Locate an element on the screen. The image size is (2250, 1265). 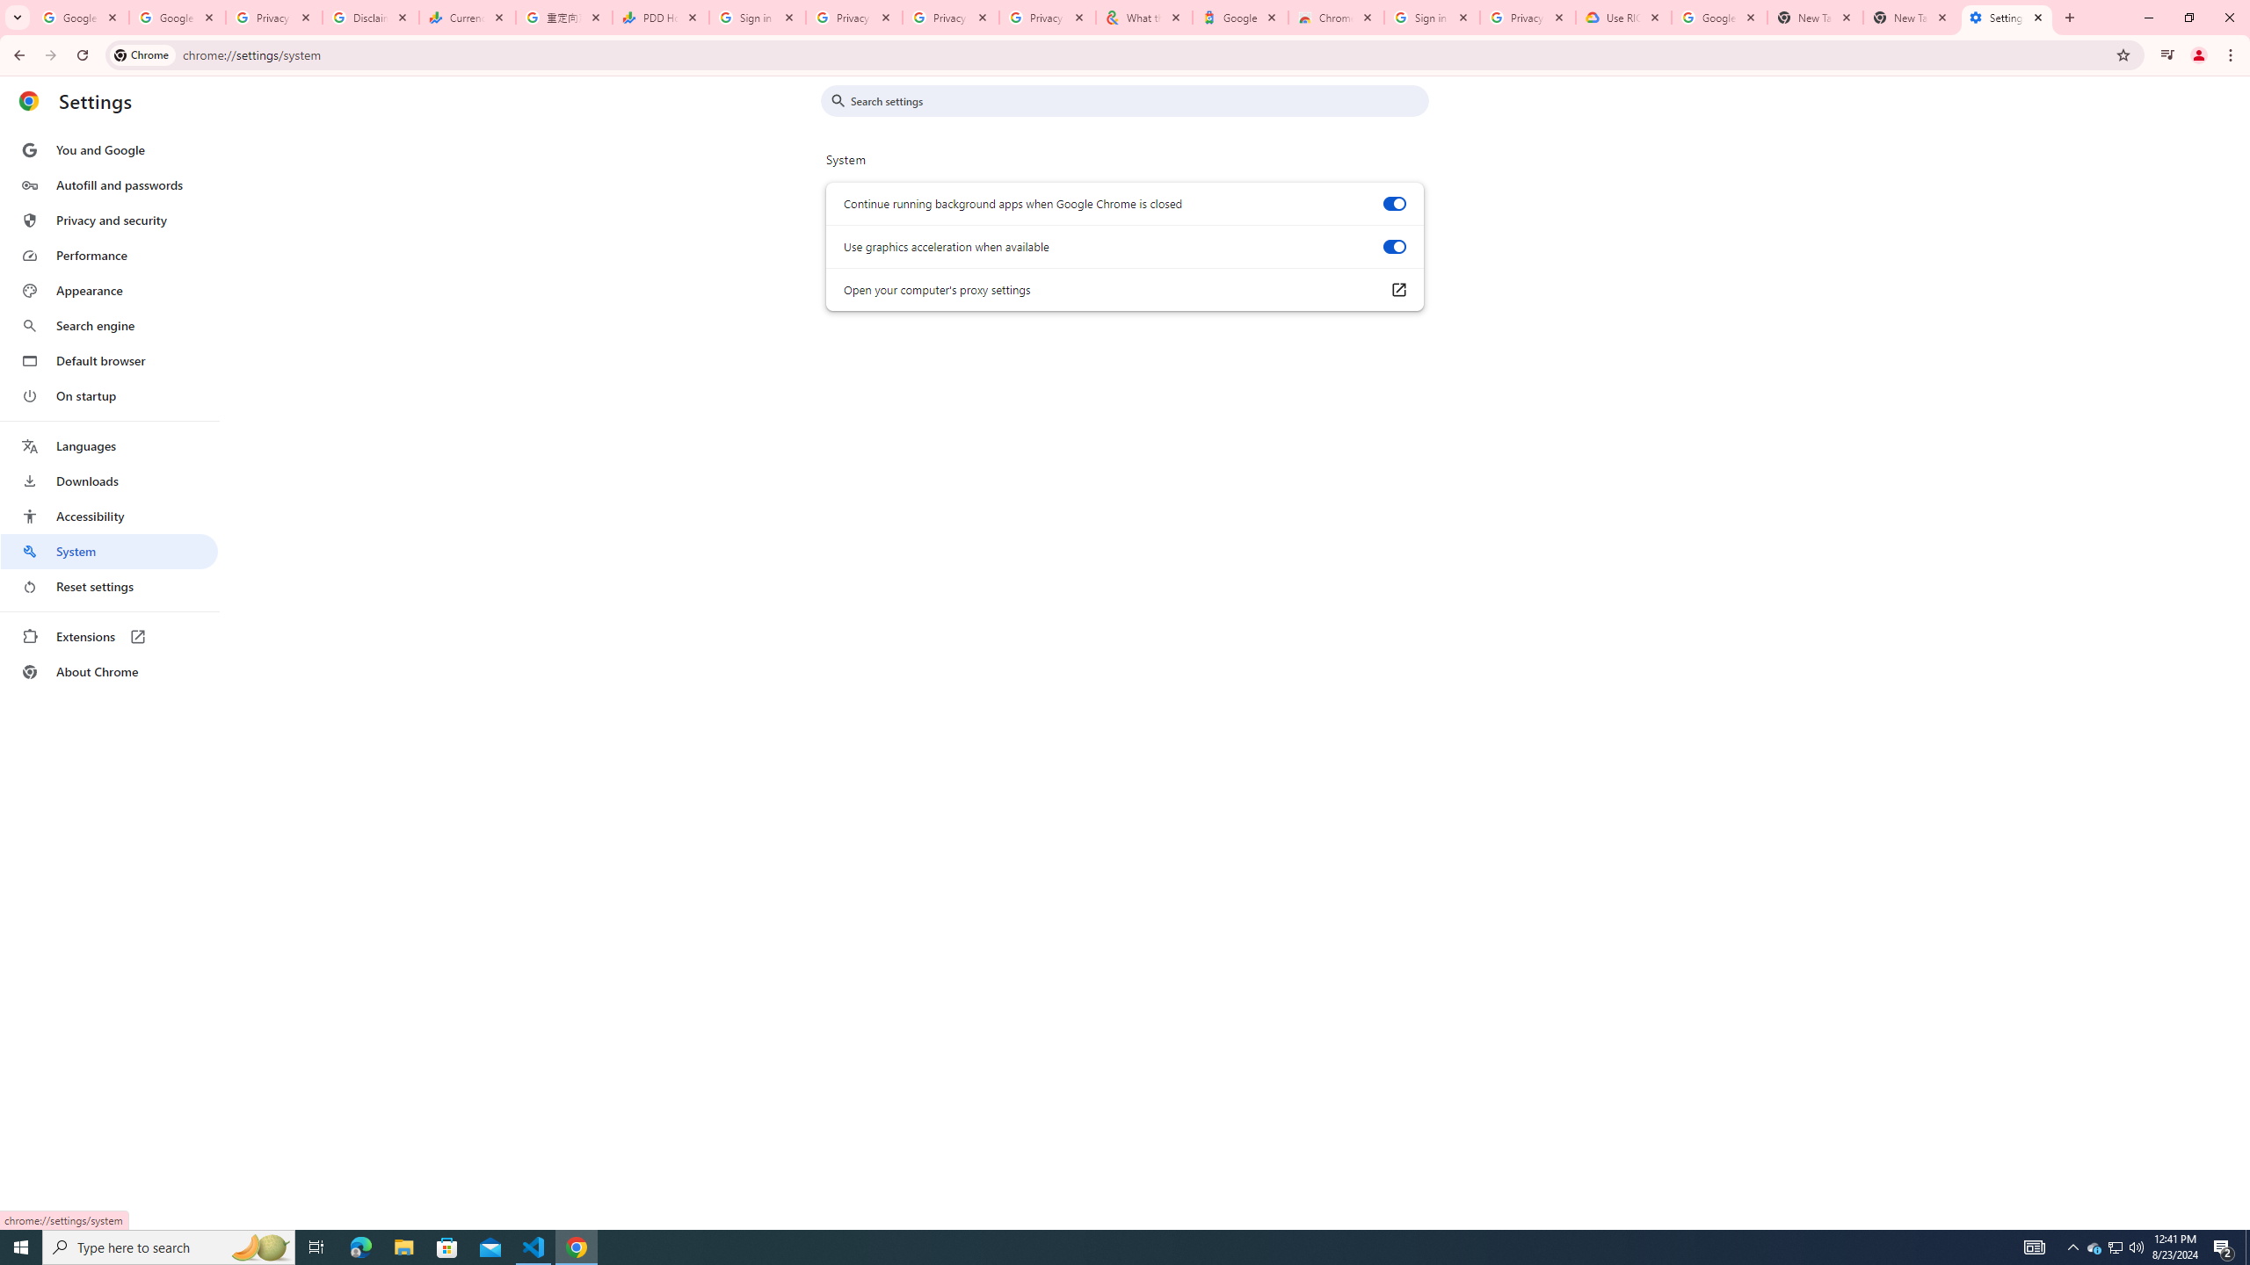
'Chrome Web Store - Color themes by Chrome' is located at coordinates (1336, 17).